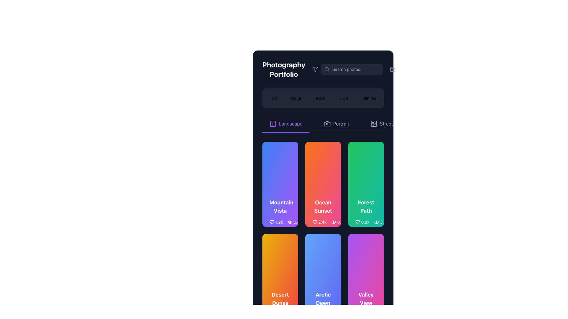  I want to click on the text label indicating a numerical value associated with an action, positioned to the right of the heart icon, so click(365, 222).